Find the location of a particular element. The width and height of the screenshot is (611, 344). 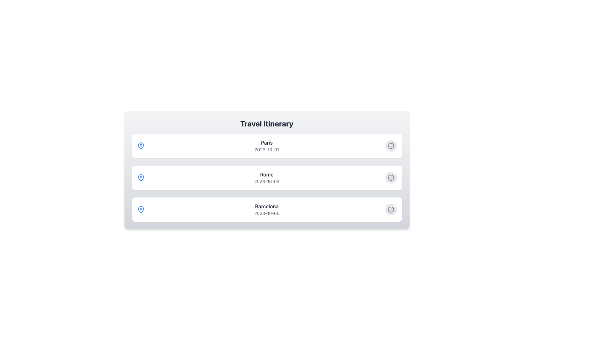

the circular button with a gray background and information icon, located to the right of the 'Paris' list item, to change its appearance is located at coordinates (390, 146).